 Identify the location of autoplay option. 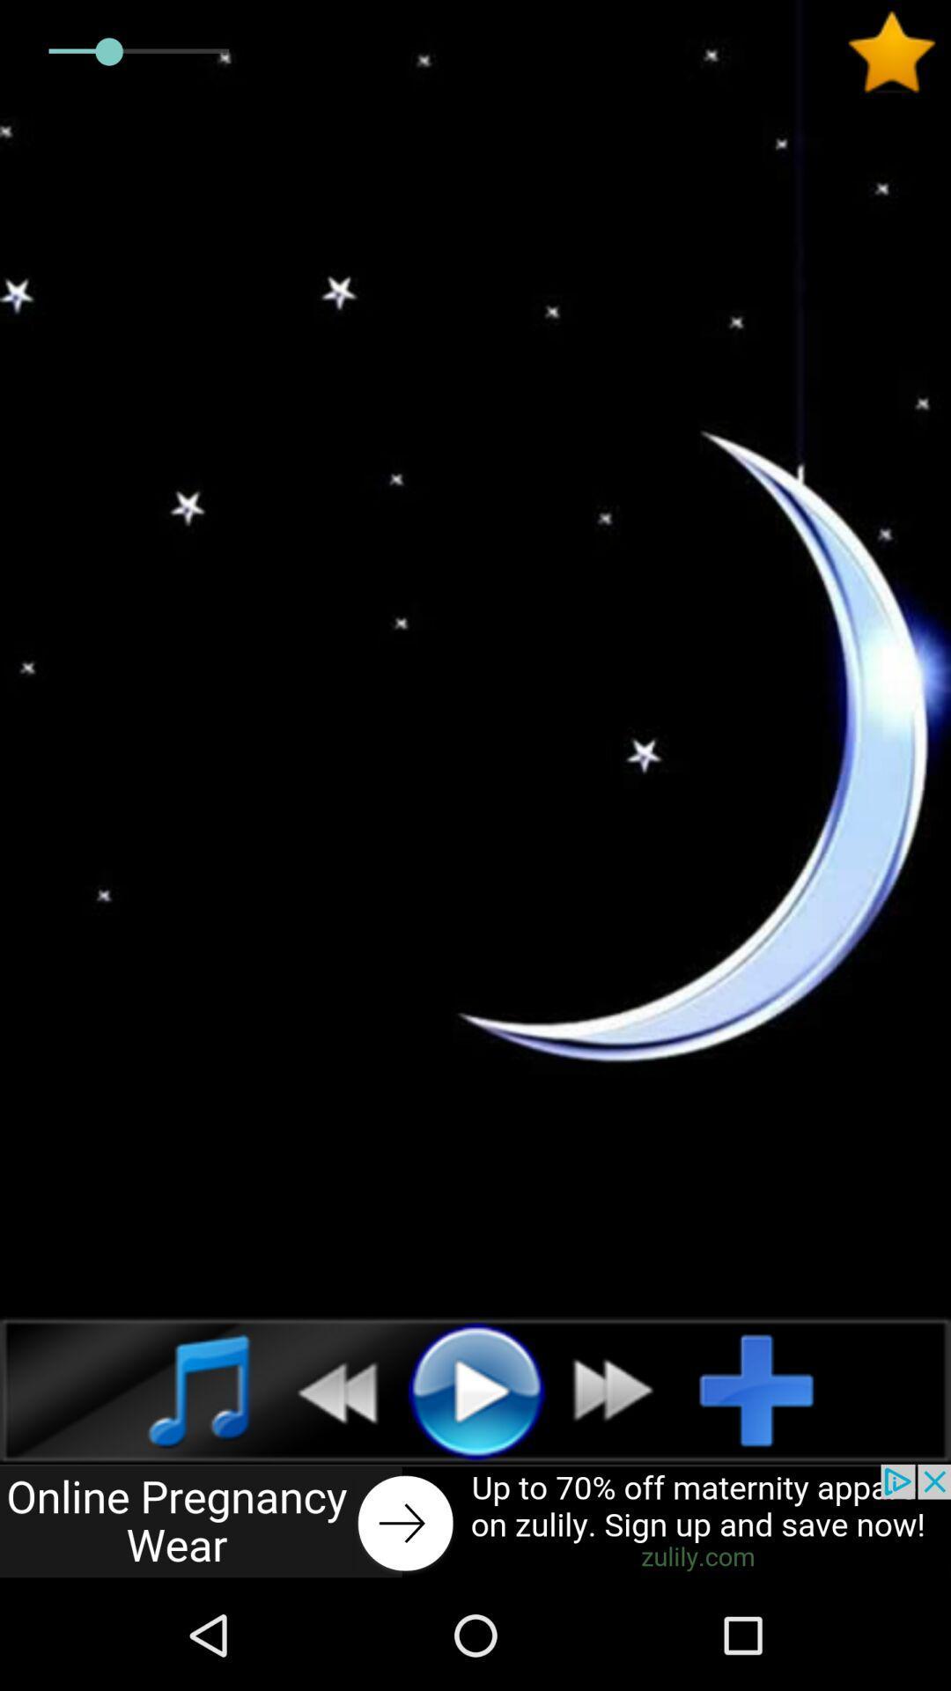
(770, 1389).